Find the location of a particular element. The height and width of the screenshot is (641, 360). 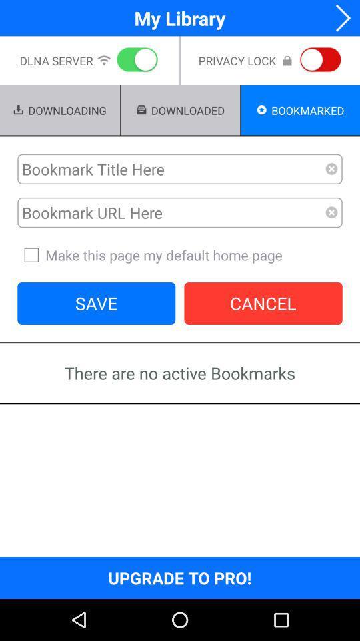

the close icon is located at coordinates (331, 227).